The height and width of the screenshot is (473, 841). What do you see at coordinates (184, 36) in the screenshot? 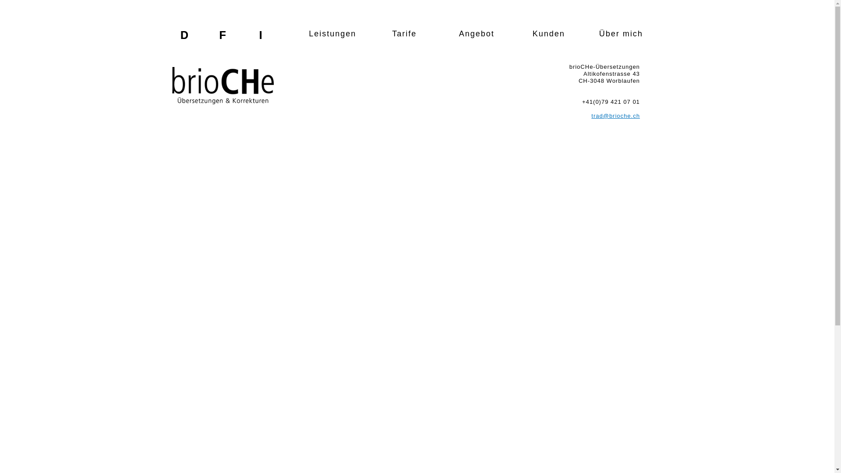
I see `'D'` at bounding box center [184, 36].